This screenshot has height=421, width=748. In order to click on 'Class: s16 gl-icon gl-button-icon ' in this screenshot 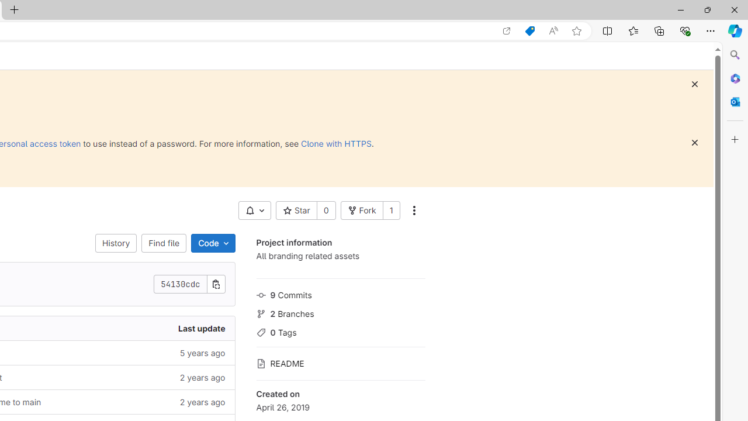, I will do `click(695, 142)`.